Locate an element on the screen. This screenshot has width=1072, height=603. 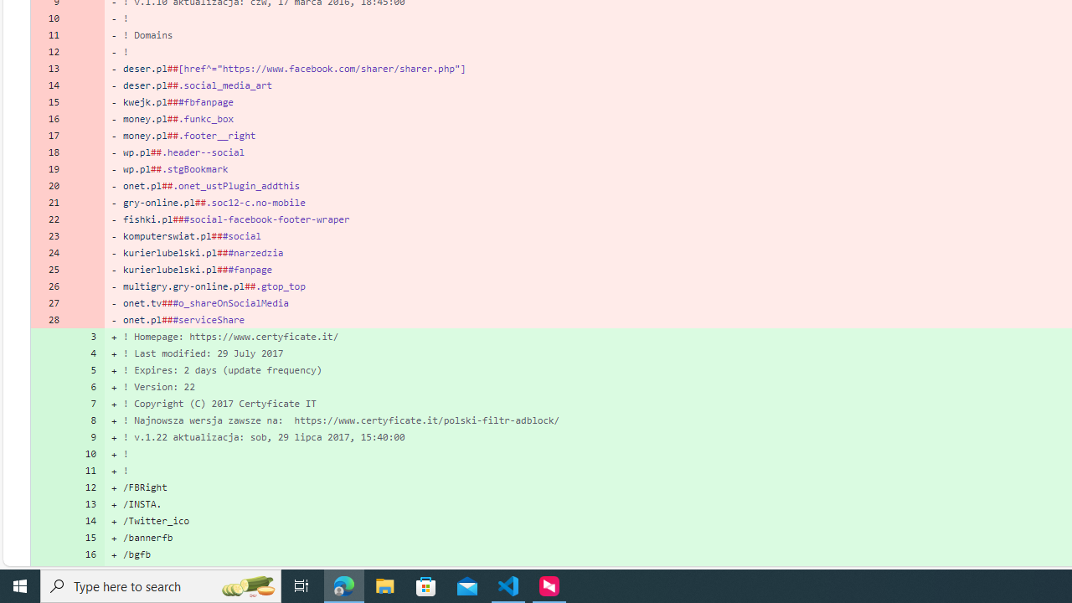
'3' is located at coordinates (85, 336).